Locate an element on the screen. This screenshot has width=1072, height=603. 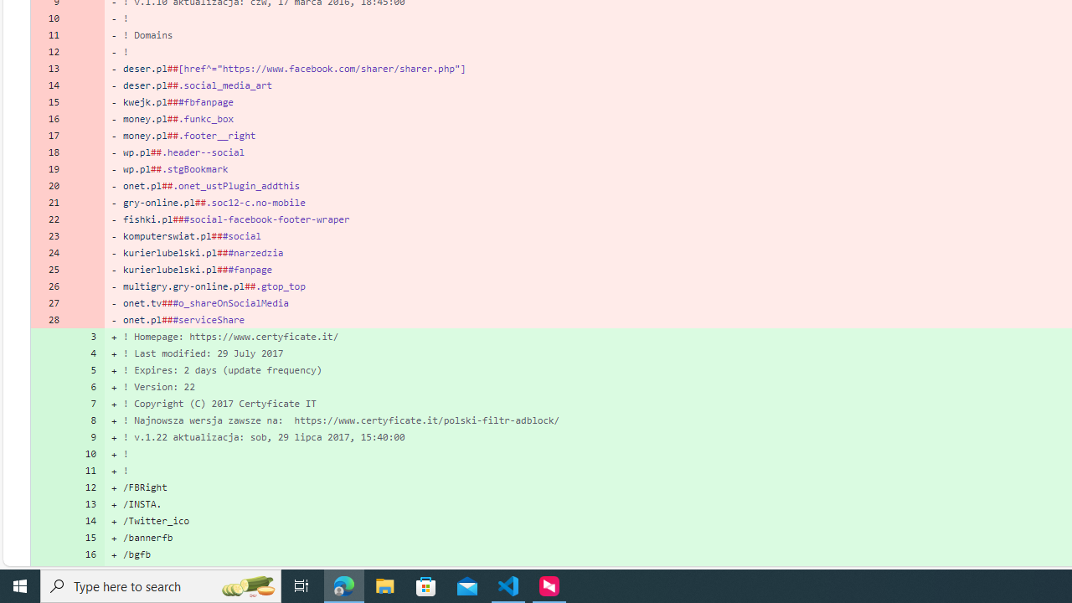
'3' is located at coordinates (85, 336).